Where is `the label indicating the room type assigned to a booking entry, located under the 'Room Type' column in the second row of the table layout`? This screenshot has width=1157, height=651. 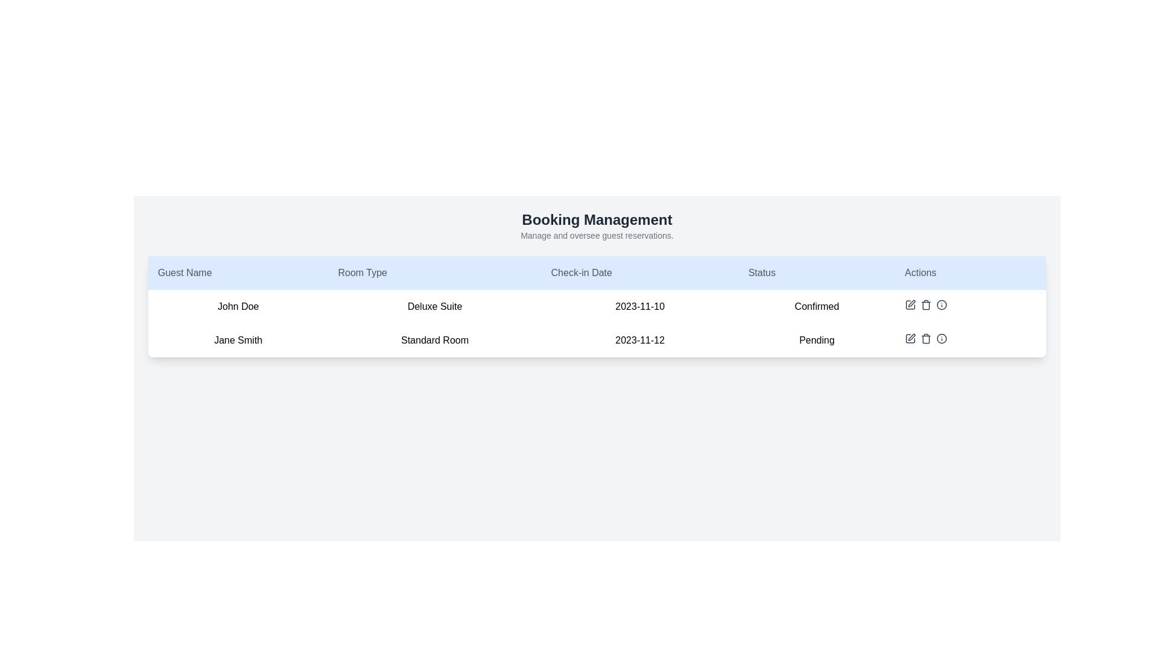 the label indicating the room type assigned to a booking entry, located under the 'Room Type' column in the second row of the table layout is located at coordinates (434, 340).